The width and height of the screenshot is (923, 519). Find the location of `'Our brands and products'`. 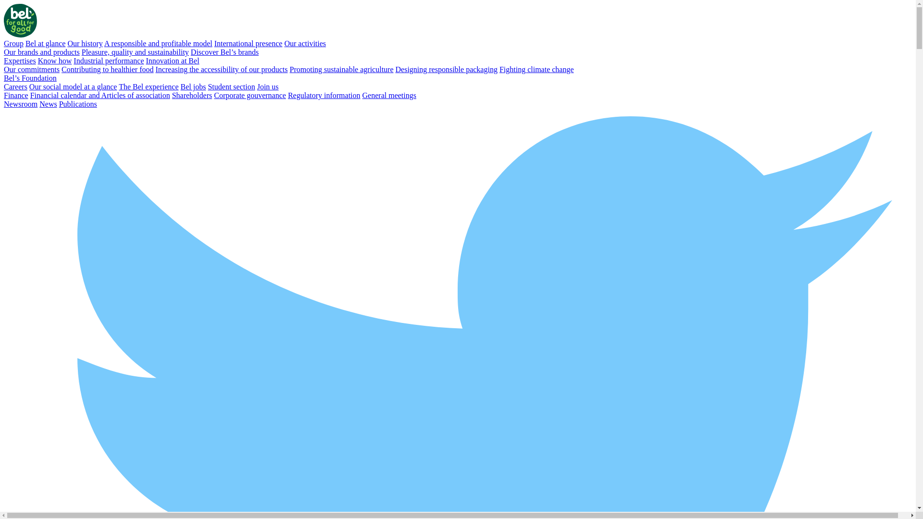

'Our brands and products' is located at coordinates (41, 52).